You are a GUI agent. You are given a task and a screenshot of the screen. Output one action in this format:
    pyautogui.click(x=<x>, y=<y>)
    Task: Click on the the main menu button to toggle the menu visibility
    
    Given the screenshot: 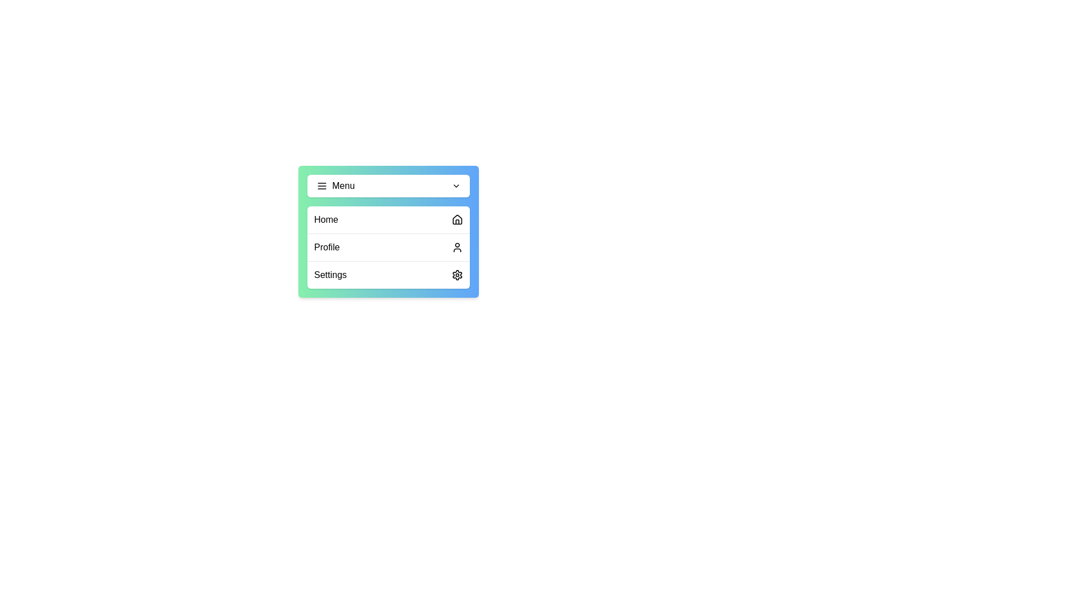 What is the action you would take?
    pyautogui.click(x=389, y=186)
    